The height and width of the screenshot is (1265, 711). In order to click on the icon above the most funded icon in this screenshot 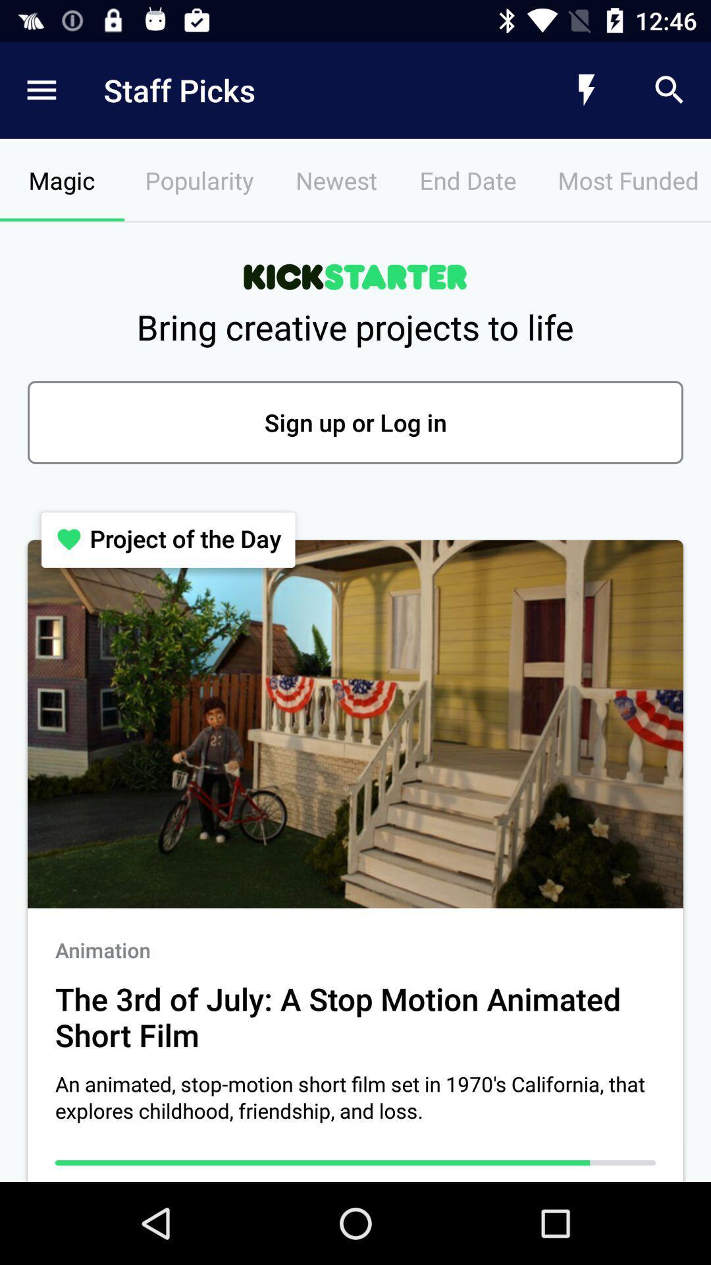, I will do `click(586, 90)`.